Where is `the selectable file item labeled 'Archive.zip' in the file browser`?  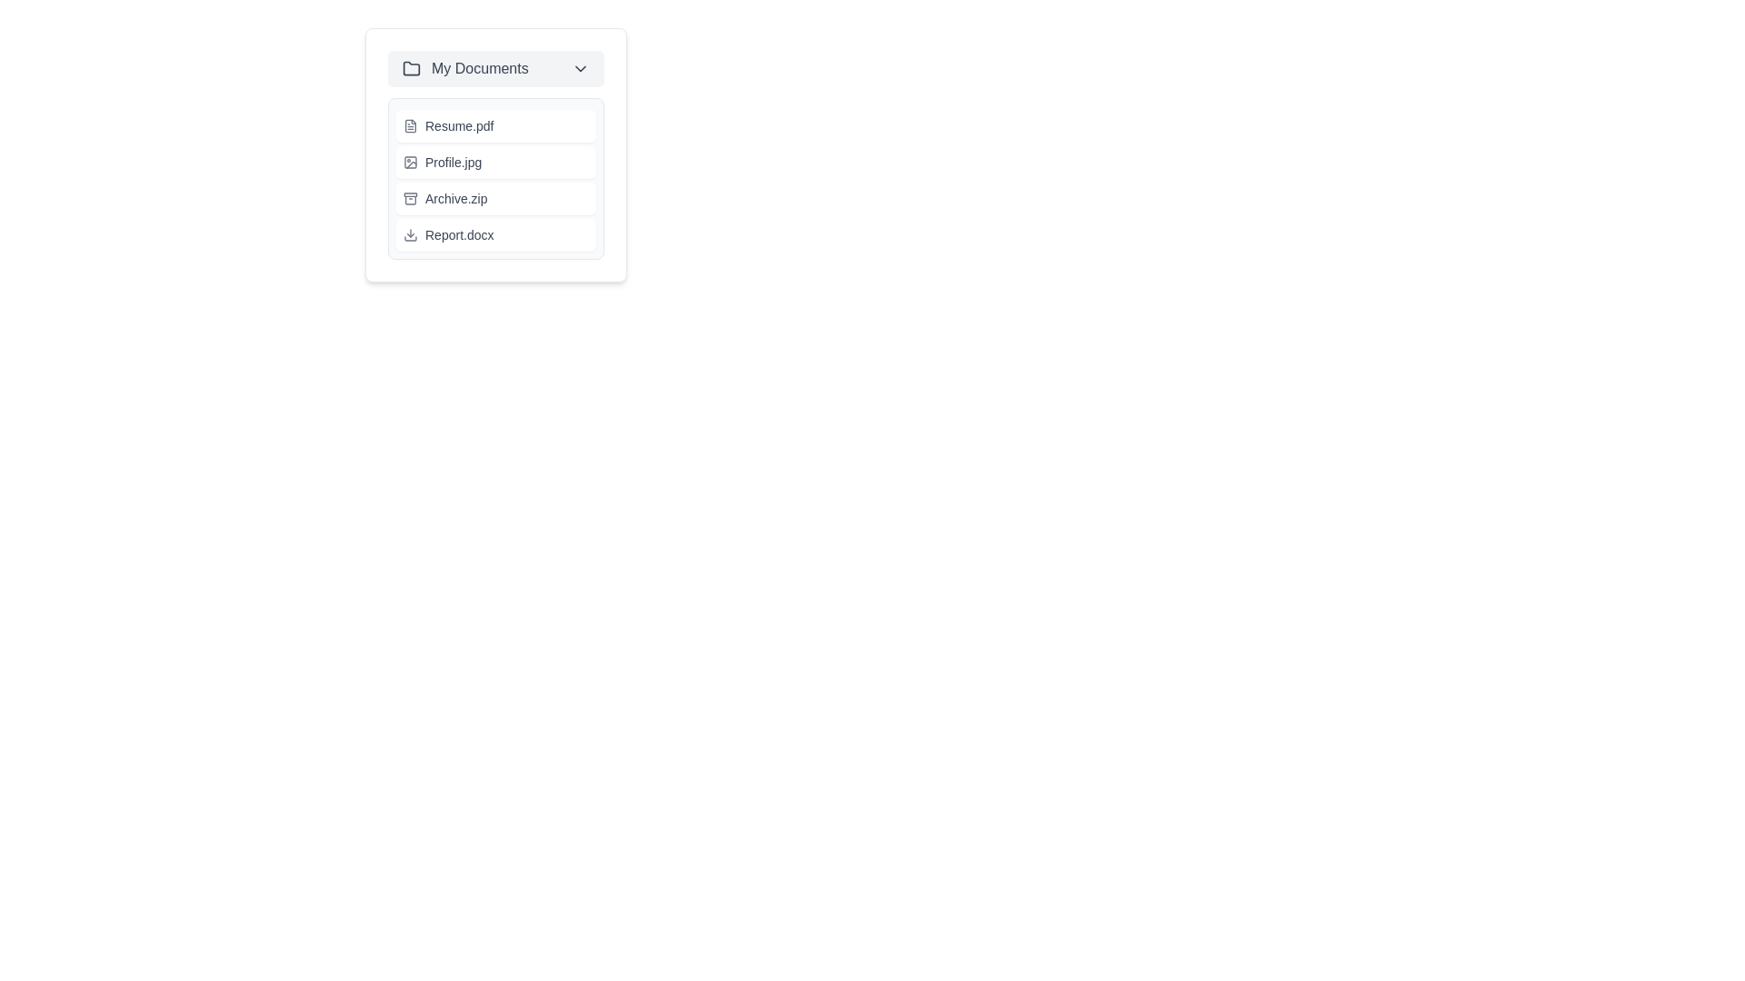 the selectable file item labeled 'Archive.zip' in the file browser is located at coordinates (496, 199).